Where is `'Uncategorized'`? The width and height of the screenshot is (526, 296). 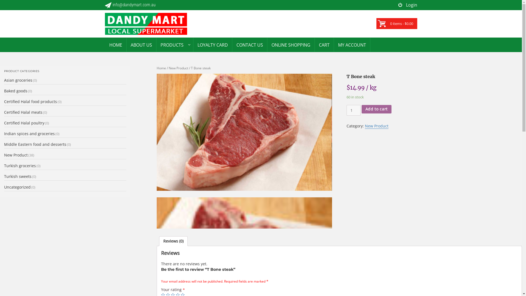 'Uncategorized' is located at coordinates (17, 187).